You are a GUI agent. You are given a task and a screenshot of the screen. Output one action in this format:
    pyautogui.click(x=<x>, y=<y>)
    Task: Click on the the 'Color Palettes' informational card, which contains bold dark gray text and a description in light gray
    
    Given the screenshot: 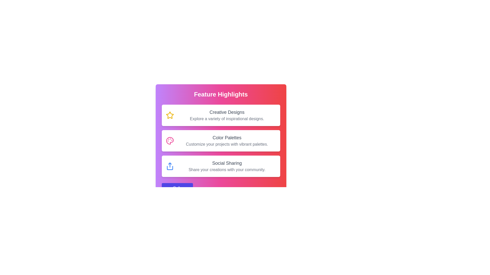 What is the action you would take?
    pyautogui.click(x=227, y=141)
    